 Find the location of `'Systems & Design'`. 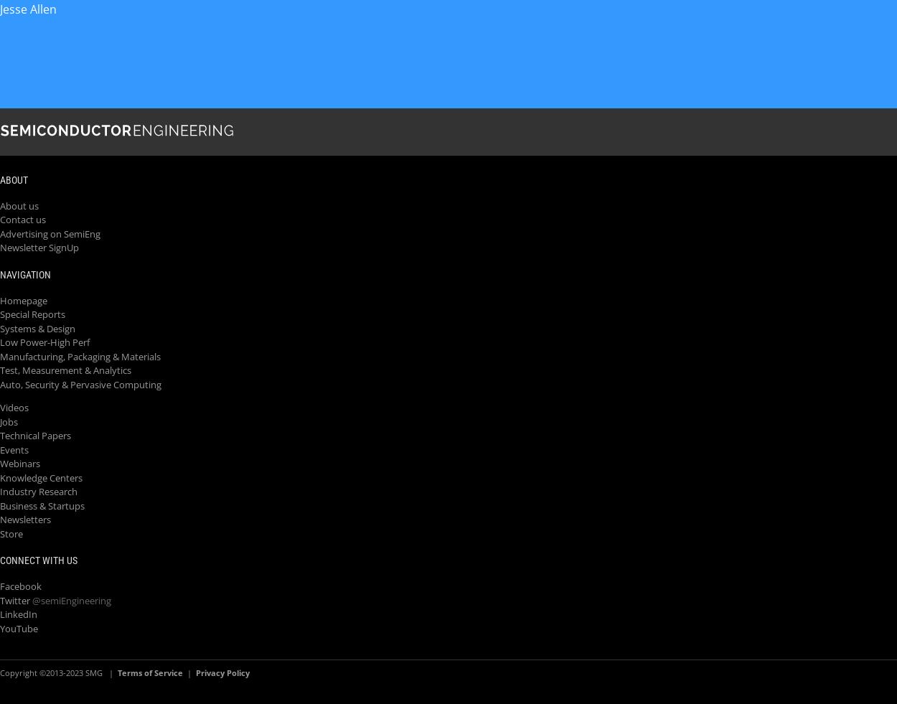

'Systems & Design' is located at coordinates (37, 327).